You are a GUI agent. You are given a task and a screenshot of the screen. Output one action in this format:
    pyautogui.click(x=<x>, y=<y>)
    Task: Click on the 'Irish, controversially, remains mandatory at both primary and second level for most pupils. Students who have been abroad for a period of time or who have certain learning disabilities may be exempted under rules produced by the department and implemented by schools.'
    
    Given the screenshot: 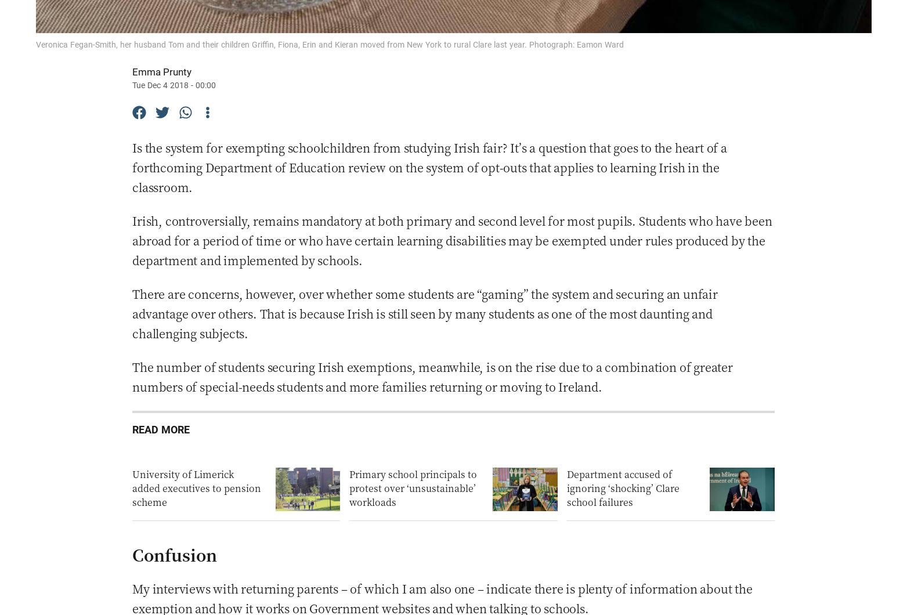 What is the action you would take?
    pyautogui.click(x=451, y=240)
    